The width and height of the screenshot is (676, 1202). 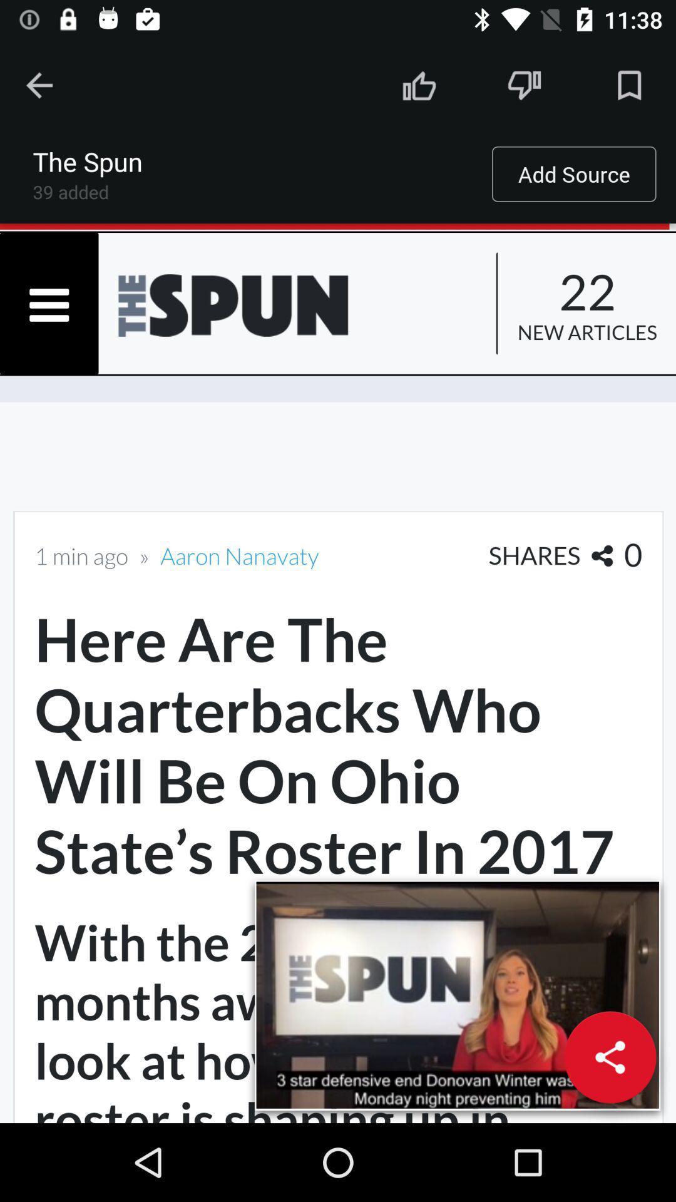 I want to click on the share icon, so click(x=610, y=1057).